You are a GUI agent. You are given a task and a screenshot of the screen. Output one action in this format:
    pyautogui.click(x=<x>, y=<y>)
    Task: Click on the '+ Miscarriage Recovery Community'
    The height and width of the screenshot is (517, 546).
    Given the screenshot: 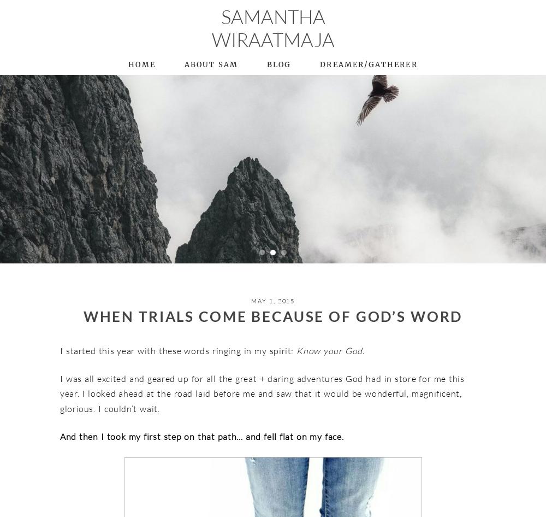 What is the action you would take?
    pyautogui.click(x=422, y=164)
    